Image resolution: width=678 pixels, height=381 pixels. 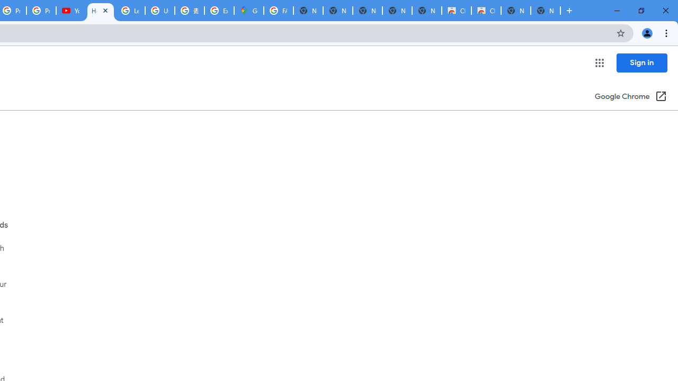 I want to click on 'Google Chrome (Open in a new window)', so click(x=631, y=97).